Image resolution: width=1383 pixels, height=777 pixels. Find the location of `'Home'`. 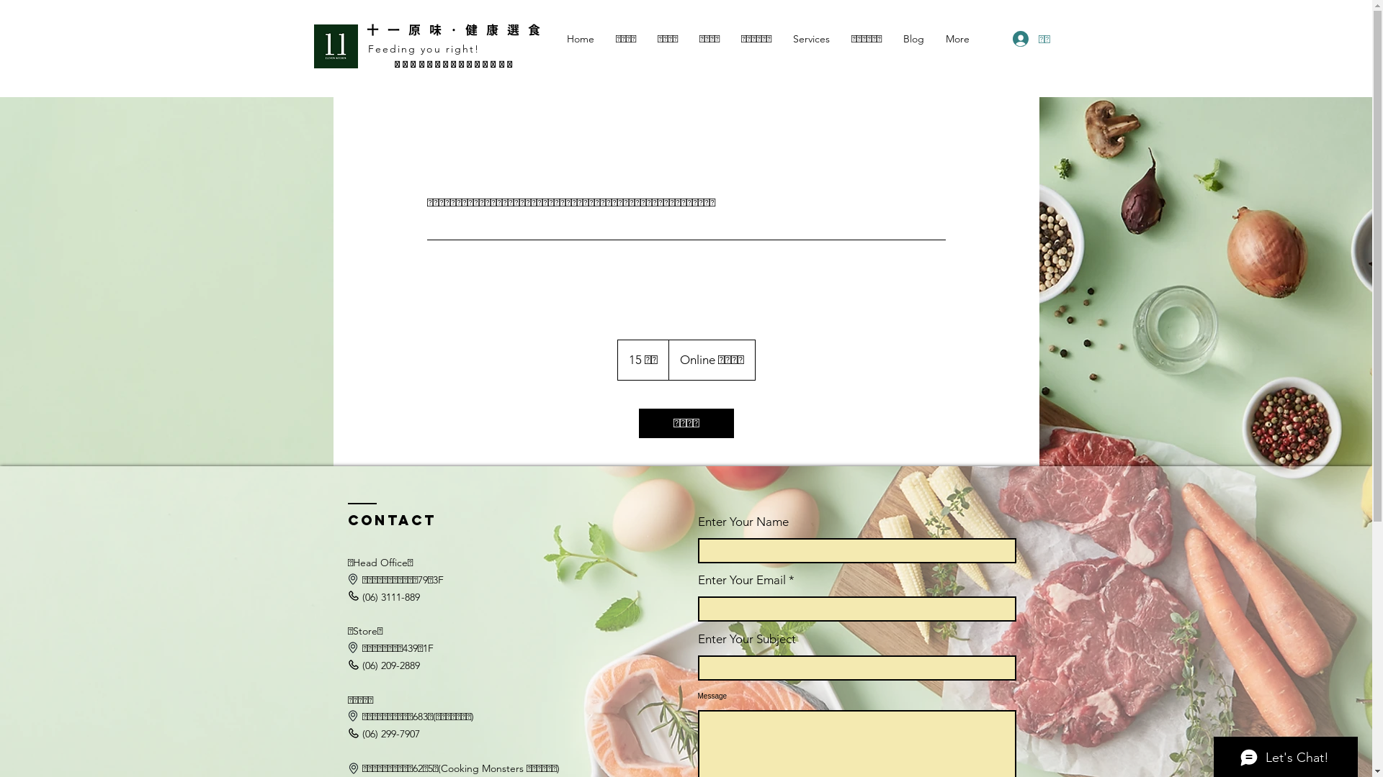

'Home' is located at coordinates (581, 38).